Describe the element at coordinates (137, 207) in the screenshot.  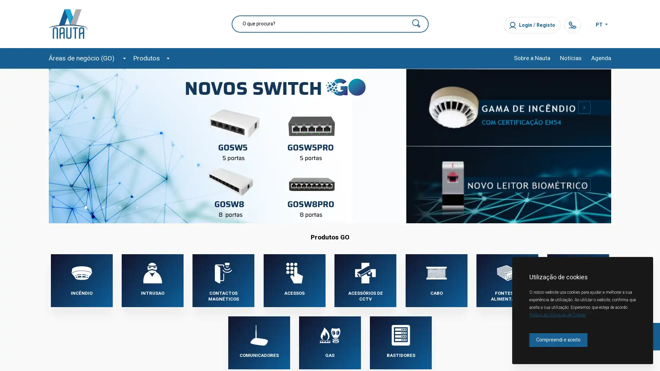
I see `Go to slide 4` at that location.